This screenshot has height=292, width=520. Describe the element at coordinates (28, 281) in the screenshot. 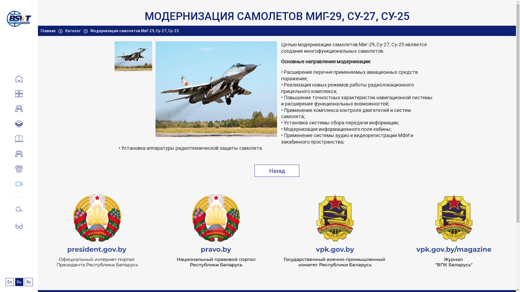

I see `'By'` at that location.